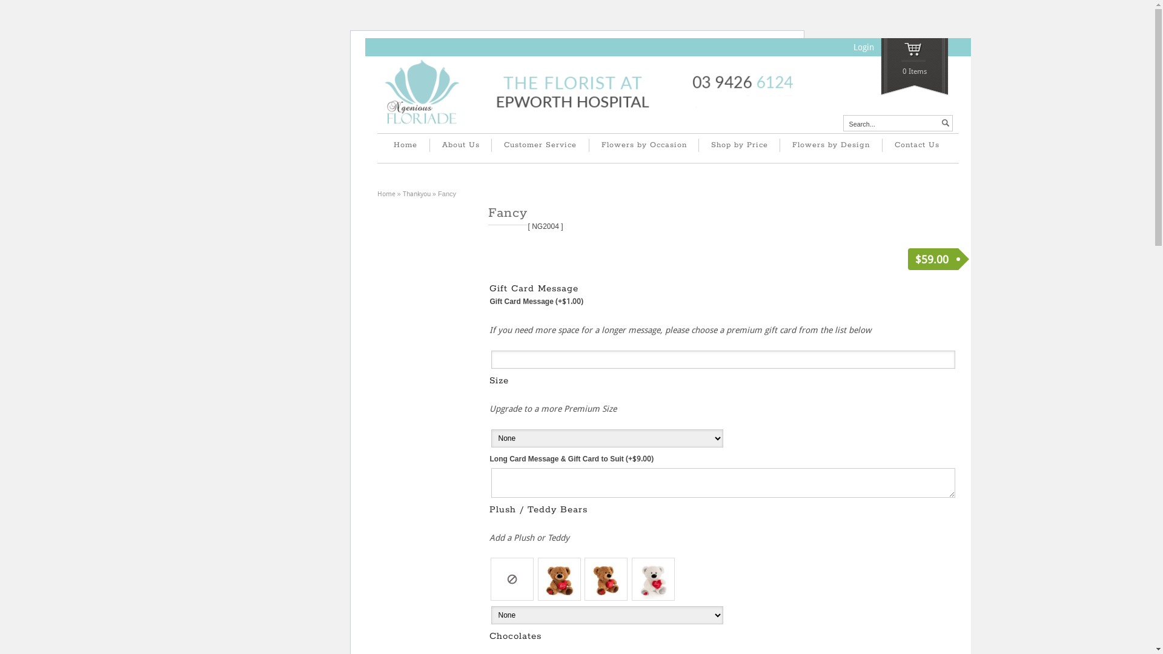 The image size is (1163, 654). What do you see at coordinates (738, 144) in the screenshot?
I see `'Shop by Price'` at bounding box center [738, 144].